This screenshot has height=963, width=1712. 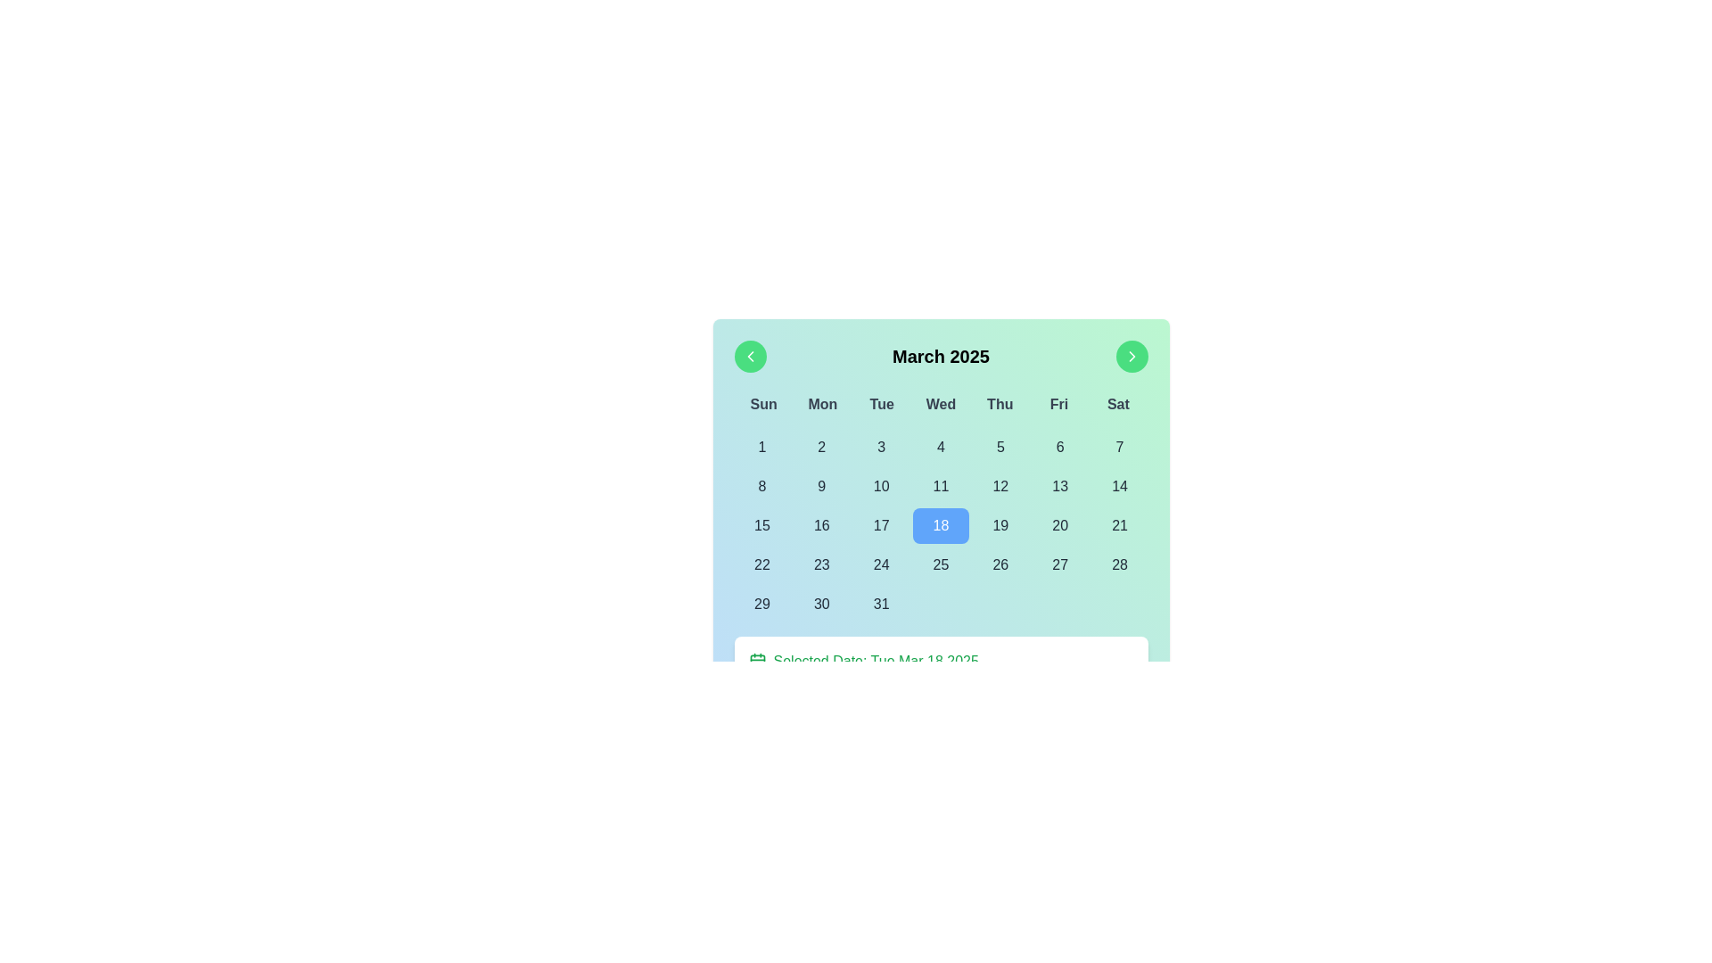 I want to click on the interactive clickable button representing a selectable day in the calendar interface, so click(x=761, y=487).